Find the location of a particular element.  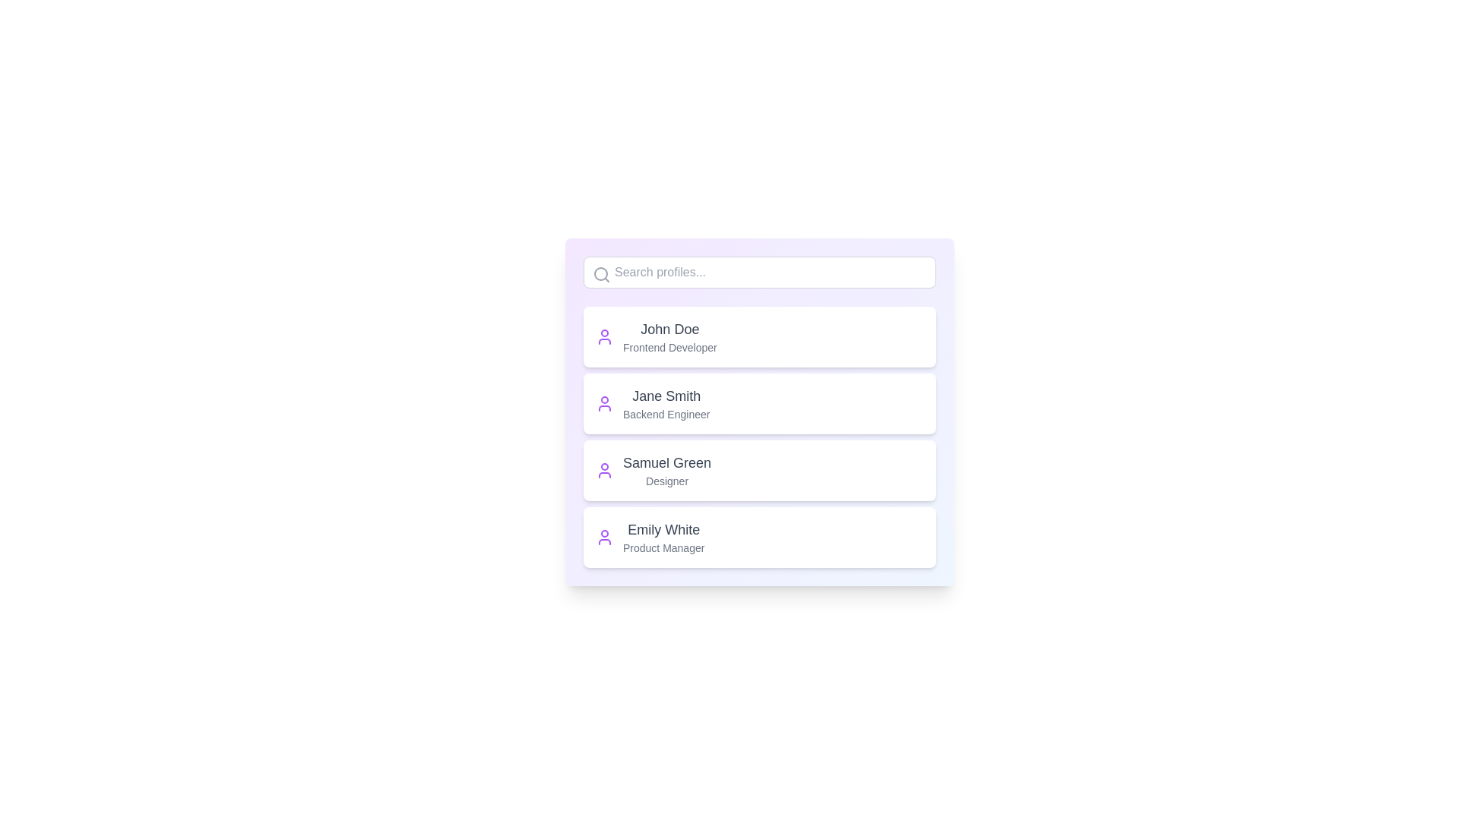

text label displaying 'Product Manager' located below 'Emily White' in the fourth profile entry is located at coordinates (663, 547).